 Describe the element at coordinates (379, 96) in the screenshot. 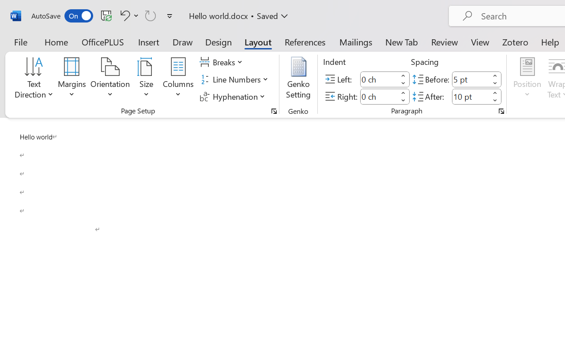

I see `'Indent Right'` at that location.